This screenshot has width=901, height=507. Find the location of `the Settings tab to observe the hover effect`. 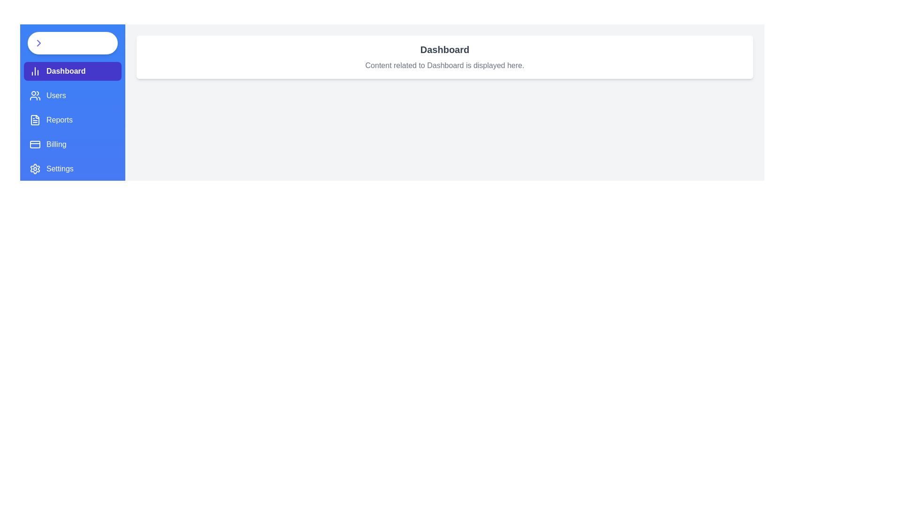

the Settings tab to observe the hover effect is located at coordinates (72, 168).